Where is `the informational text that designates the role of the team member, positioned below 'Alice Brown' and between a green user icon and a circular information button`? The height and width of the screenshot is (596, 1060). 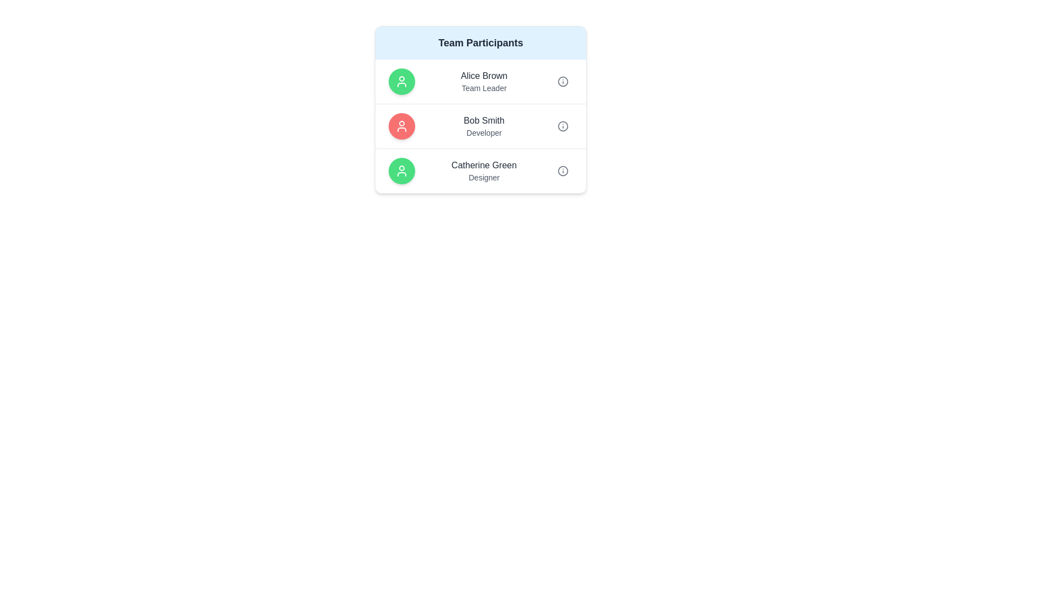 the informational text that designates the role of the team member, positioned below 'Alice Brown' and between a green user icon and a circular information button is located at coordinates (484, 87).